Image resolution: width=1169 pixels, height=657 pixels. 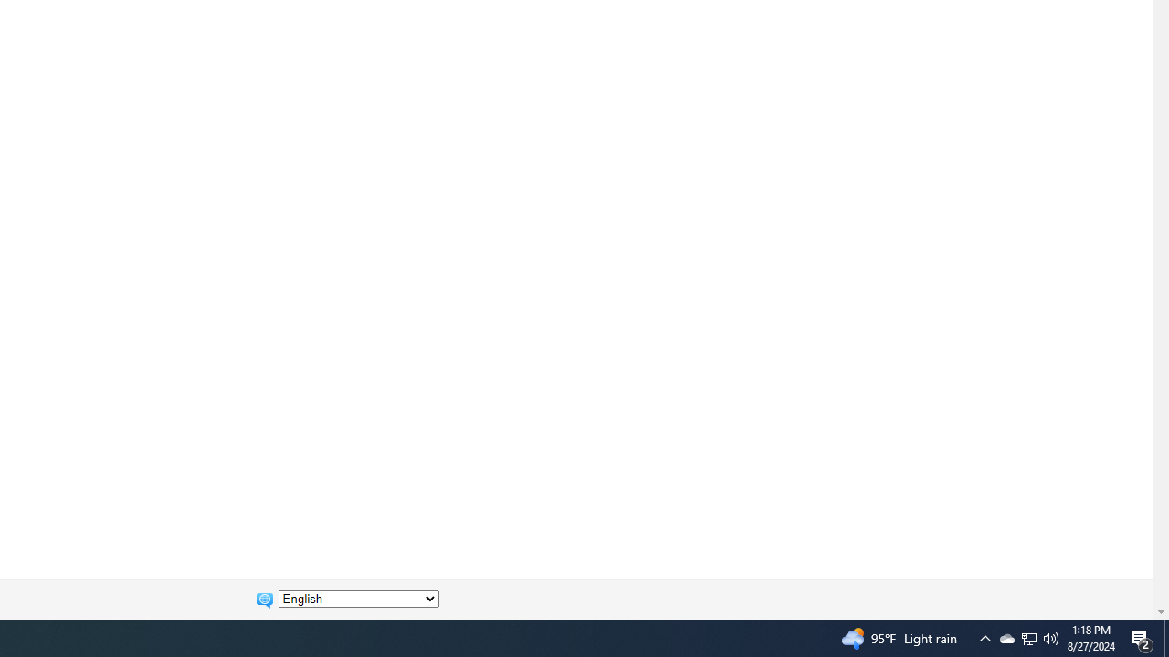 I want to click on 'Change language:', so click(x=358, y=599).